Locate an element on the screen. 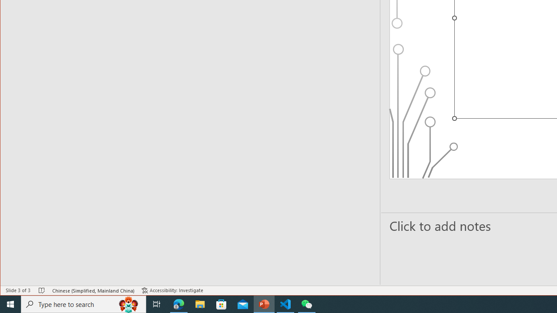 This screenshot has height=313, width=557. 'Start' is located at coordinates (10, 303).